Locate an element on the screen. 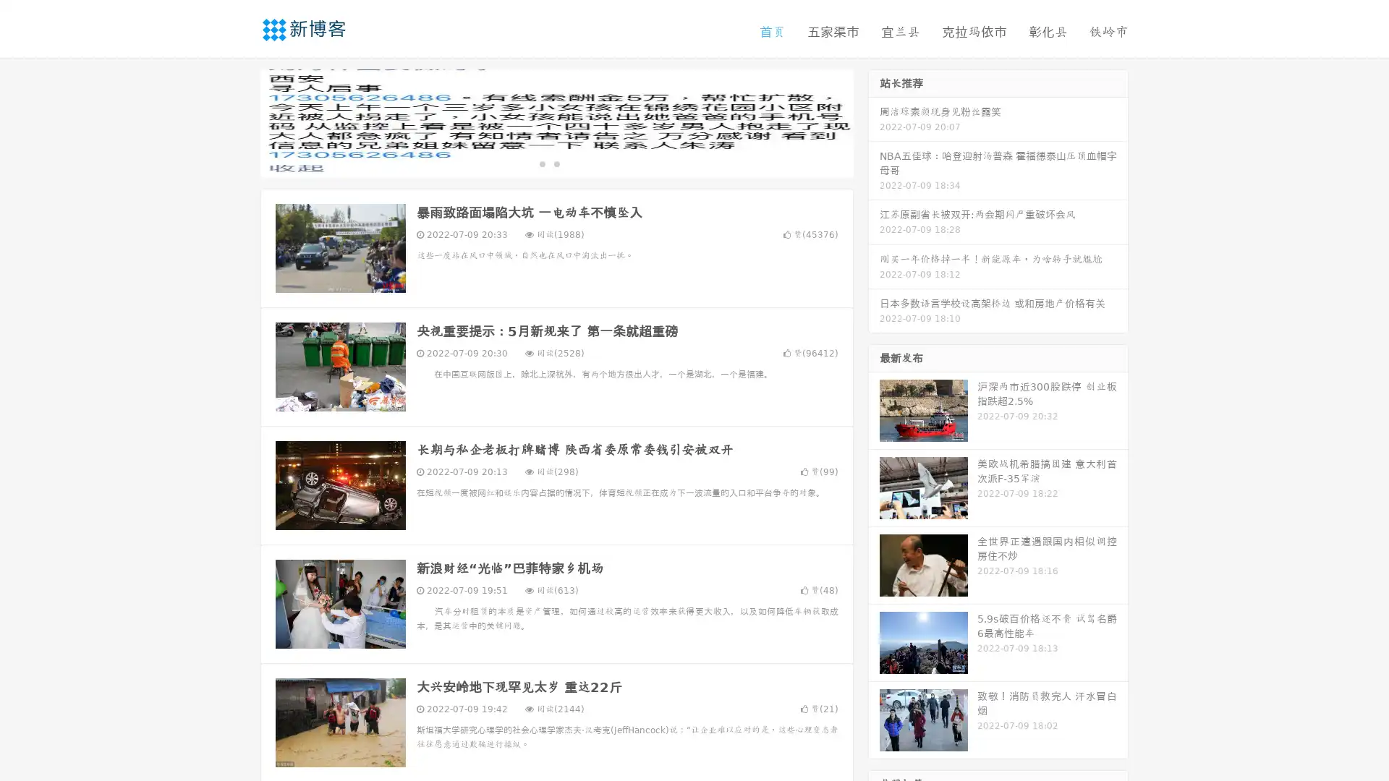  Go to slide 2 is located at coordinates (556, 163).